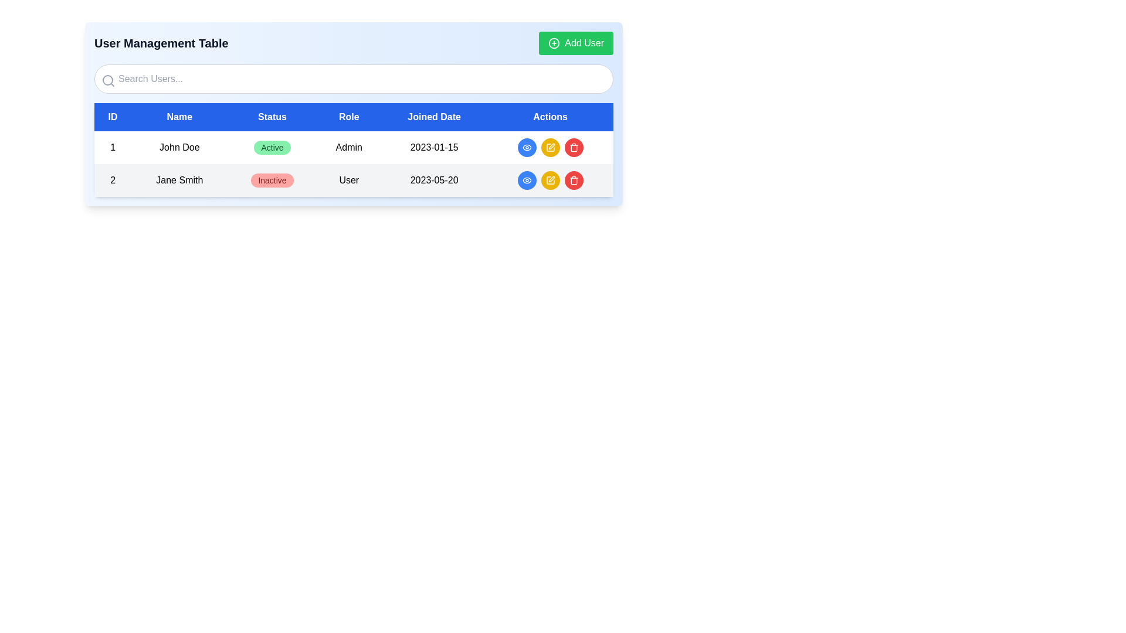 Image resolution: width=1126 pixels, height=633 pixels. Describe the element at coordinates (550, 147) in the screenshot. I see `the edit button for the user 'John Doe' in the Actions column of the user management table` at that location.